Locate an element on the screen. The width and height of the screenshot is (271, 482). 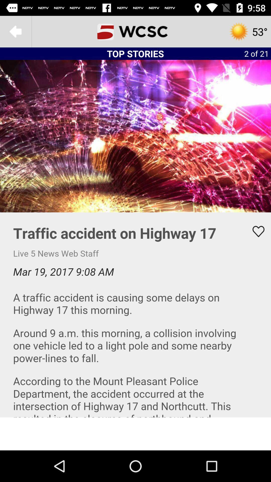
the favorite icon is located at coordinates (255, 231).